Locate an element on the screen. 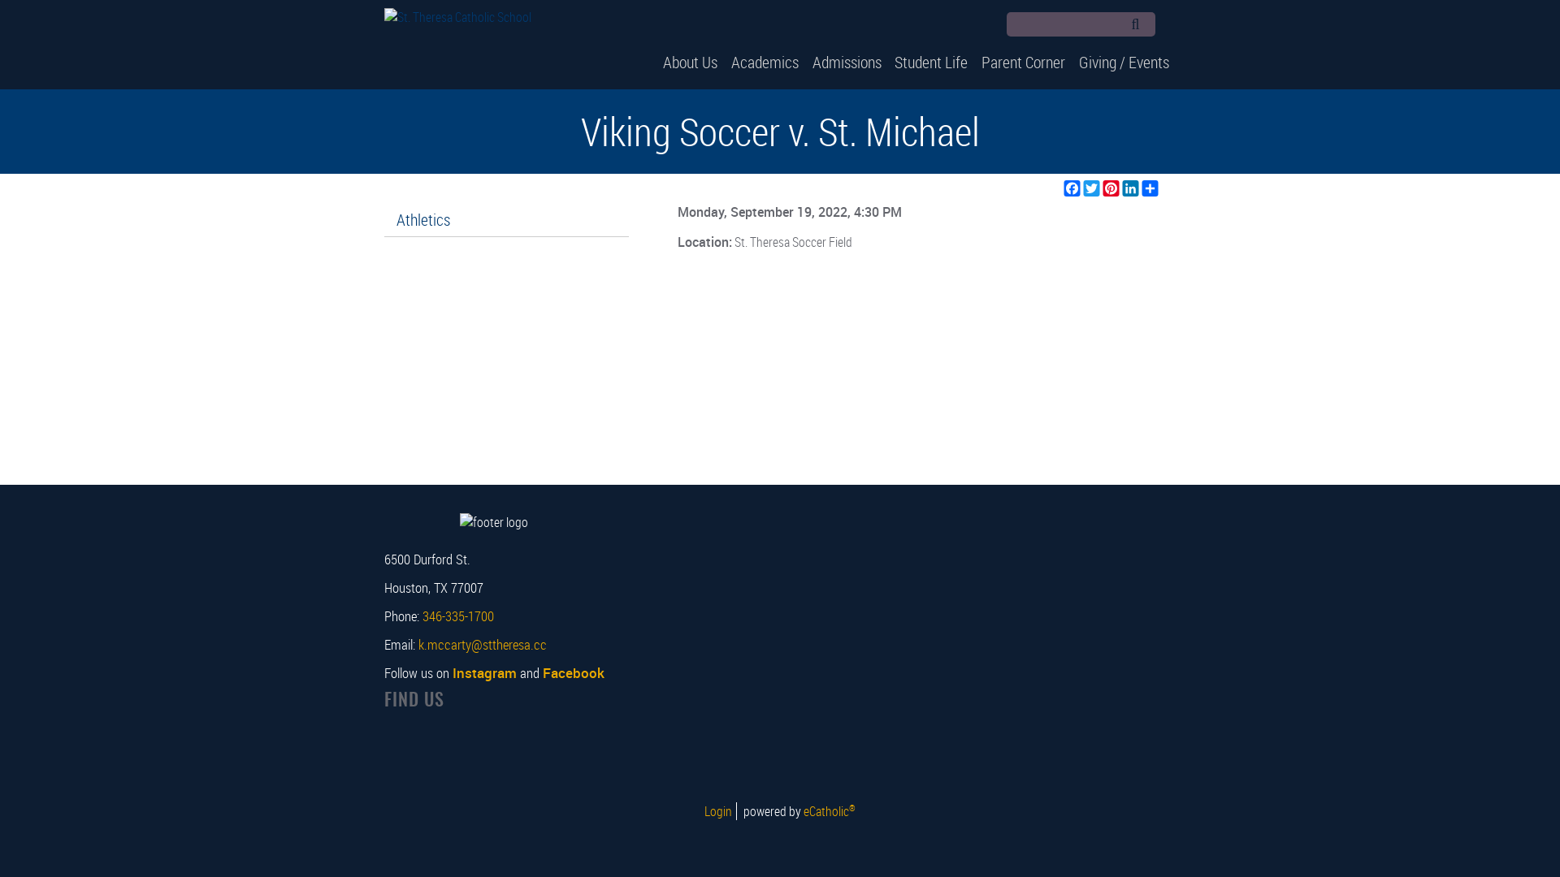  'Pinterest' is located at coordinates (1111, 187).